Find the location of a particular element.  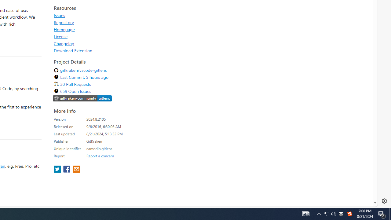

'Issues' is located at coordinates (59, 15).